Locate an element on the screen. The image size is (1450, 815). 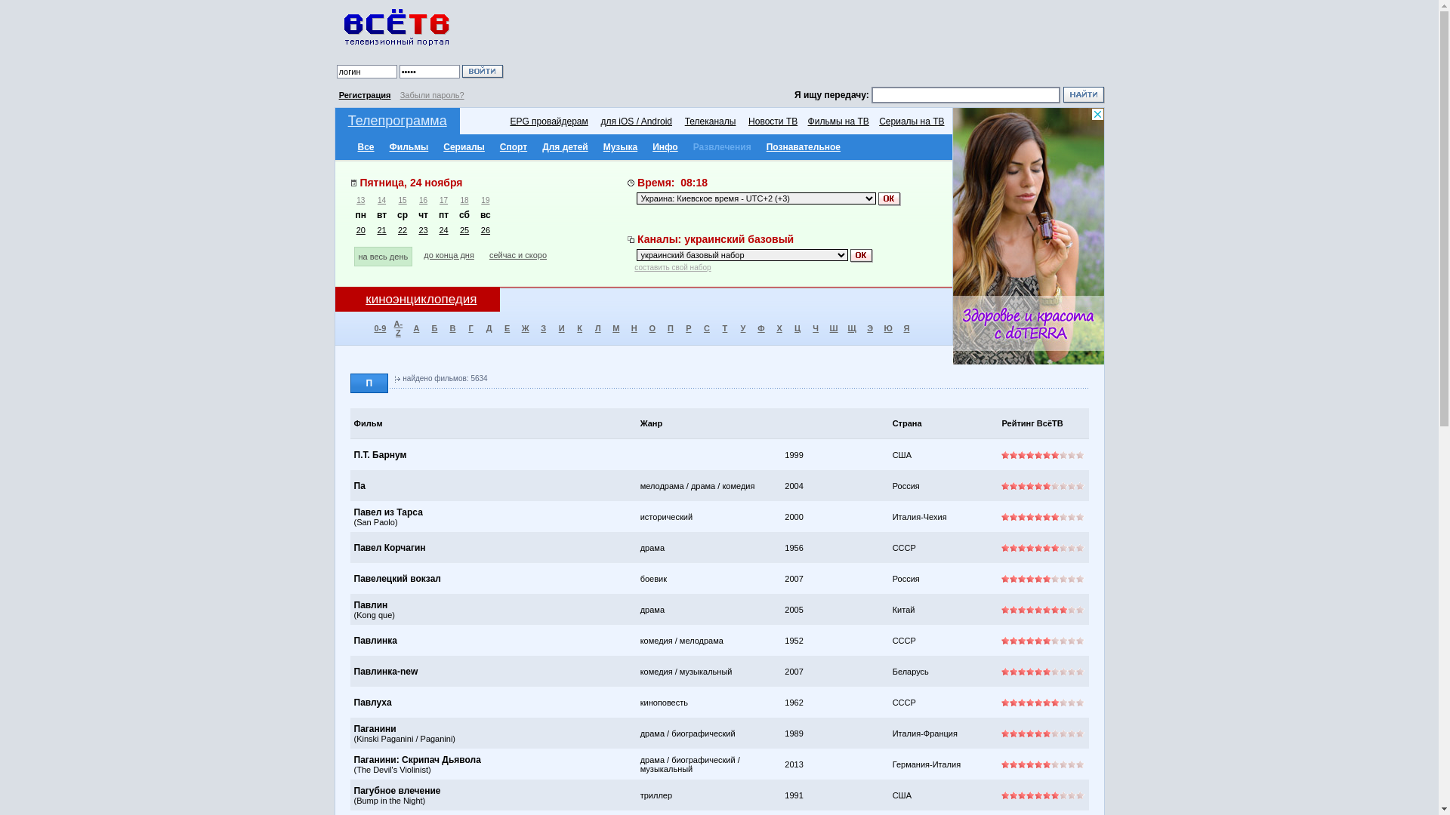
'0-9' is located at coordinates (380, 328).